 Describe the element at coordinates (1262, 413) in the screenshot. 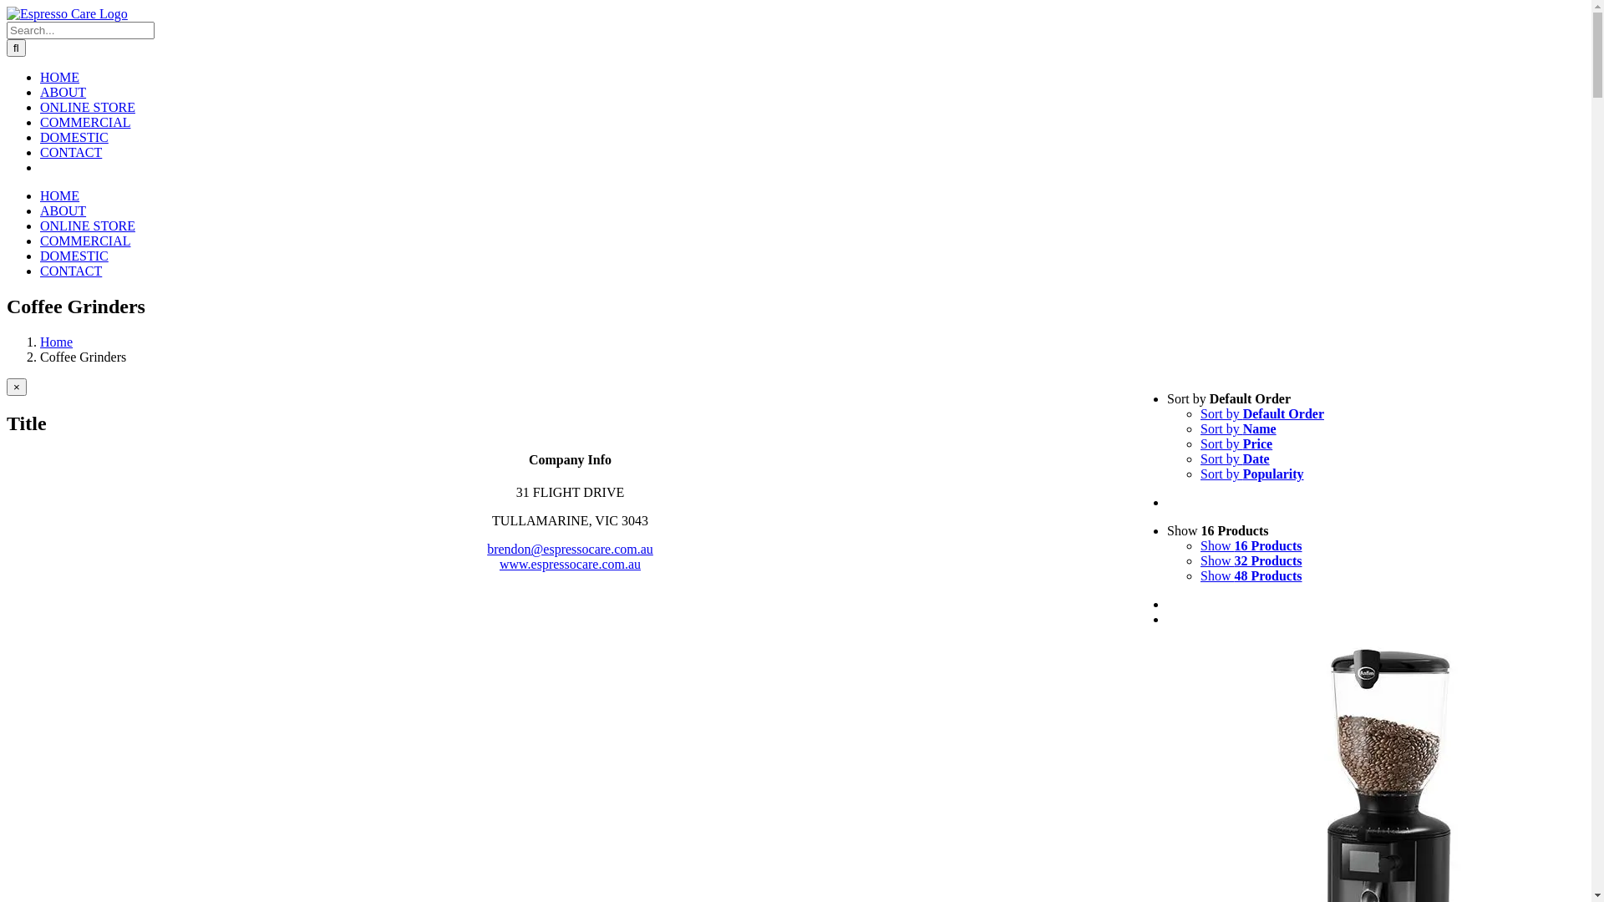

I see `'Sort by Default Order'` at that location.